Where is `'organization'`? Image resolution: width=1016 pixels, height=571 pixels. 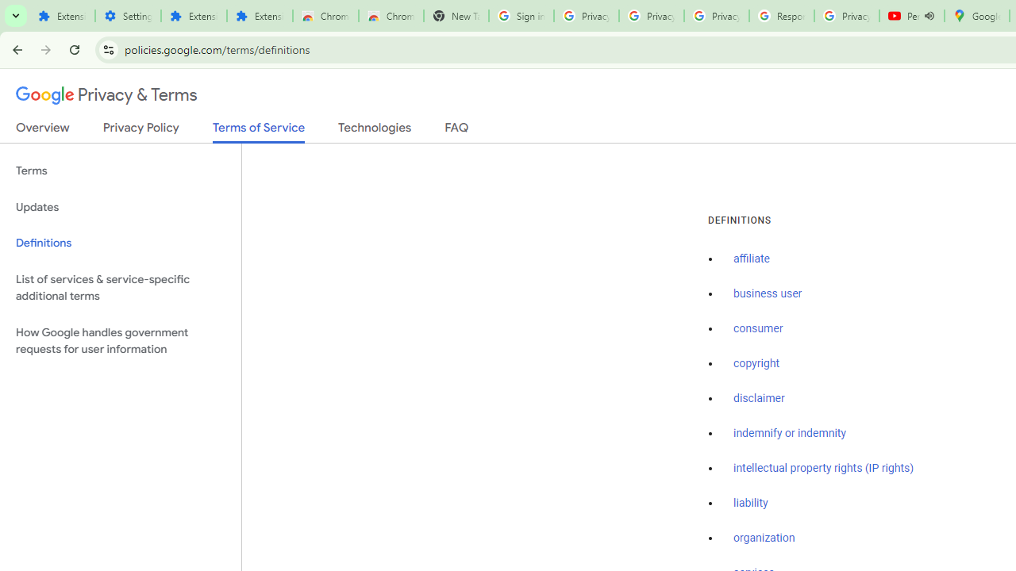 'organization' is located at coordinates (764, 538).